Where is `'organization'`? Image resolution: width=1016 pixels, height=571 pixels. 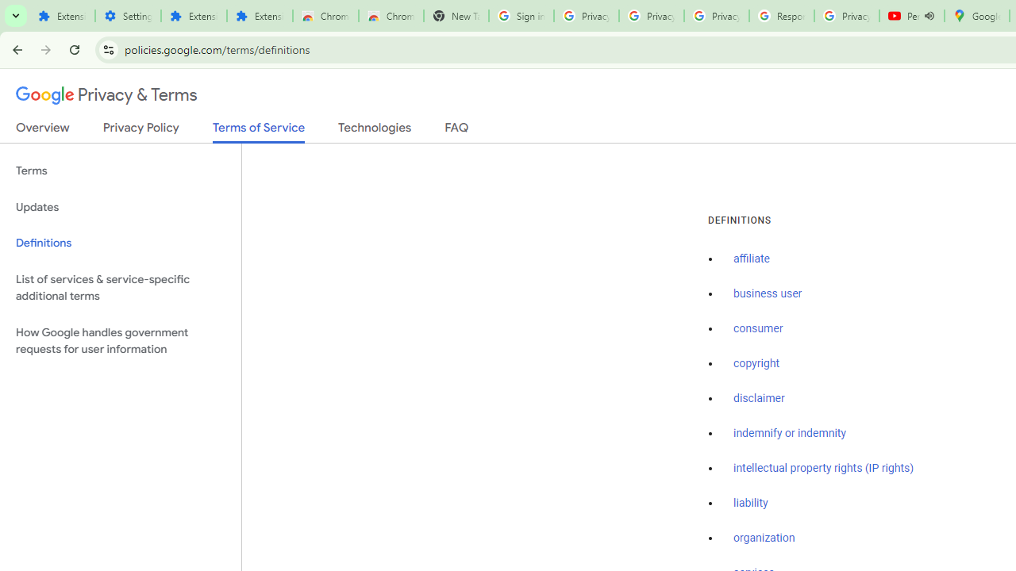 'organization' is located at coordinates (764, 538).